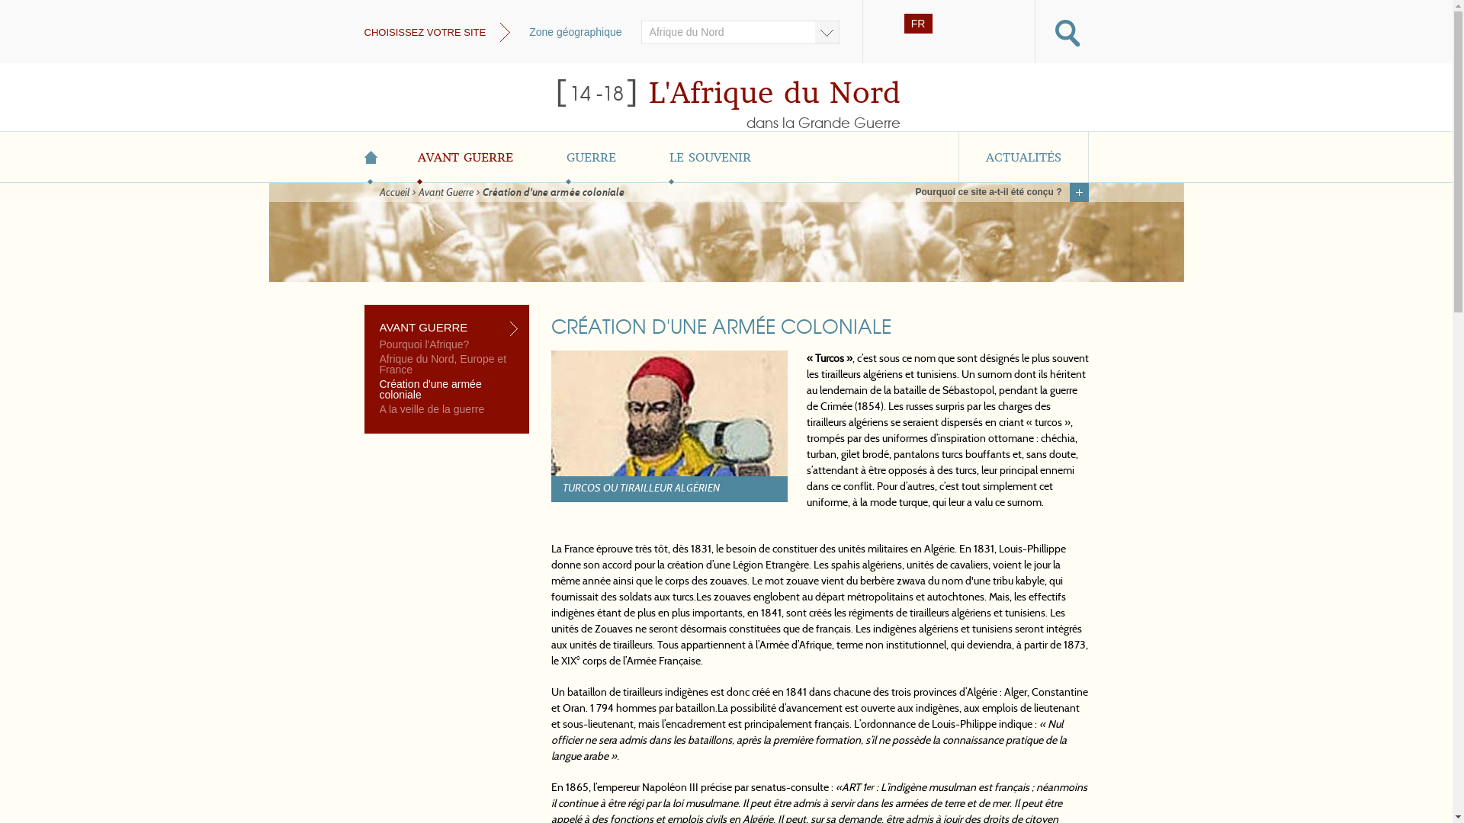 The height and width of the screenshot is (823, 1464). What do you see at coordinates (740, 32) in the screenshot?
I see `'Afrique du Nord'` at bounding box center [740, 32].